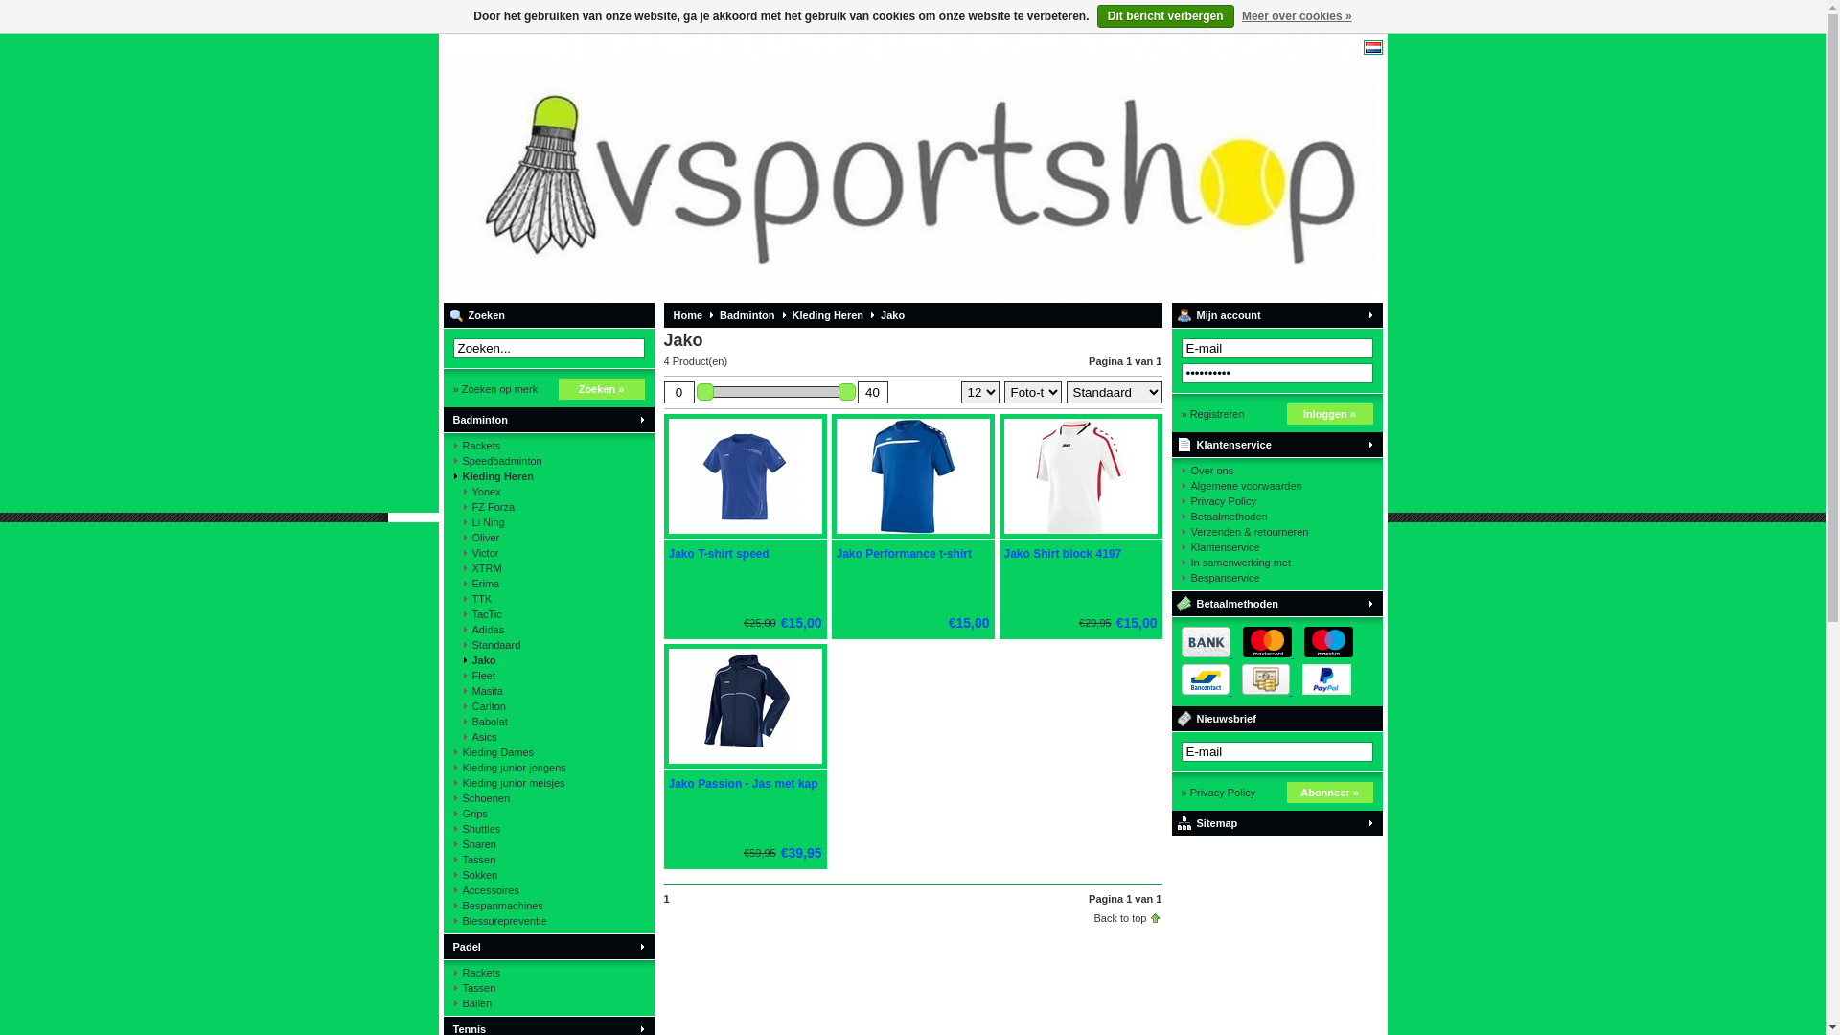  Describe the element at coordinates (695, 166) in the screenshot. I see `'Avsportshop'` at that location.